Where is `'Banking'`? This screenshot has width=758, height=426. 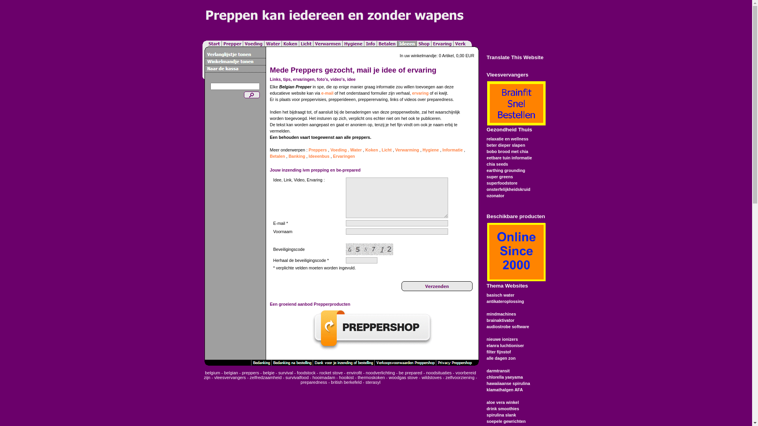
'Banking' is located at coordinates (296, 156).